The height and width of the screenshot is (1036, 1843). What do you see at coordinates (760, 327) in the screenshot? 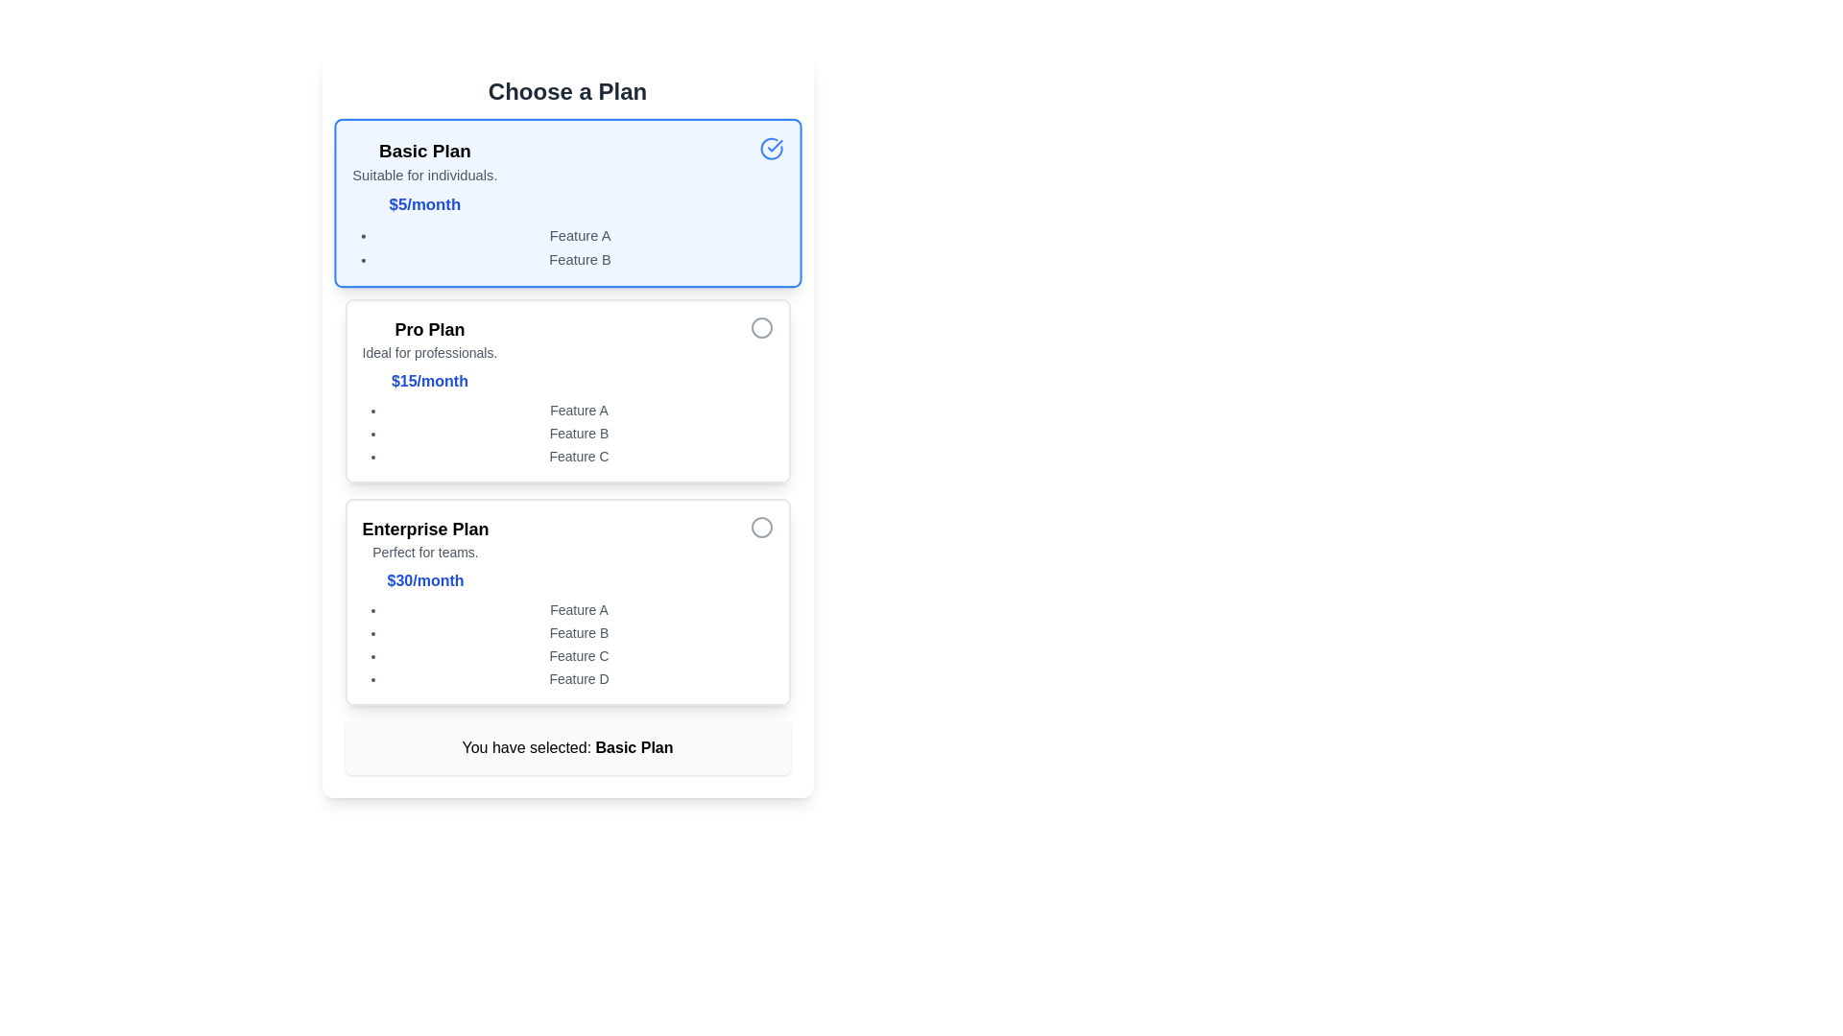
I see `the SVG Circle located at the top-right corner of the Pro Plan card, which serves as a decorative or interactive visual indicator` at bounding box center [760, 327].